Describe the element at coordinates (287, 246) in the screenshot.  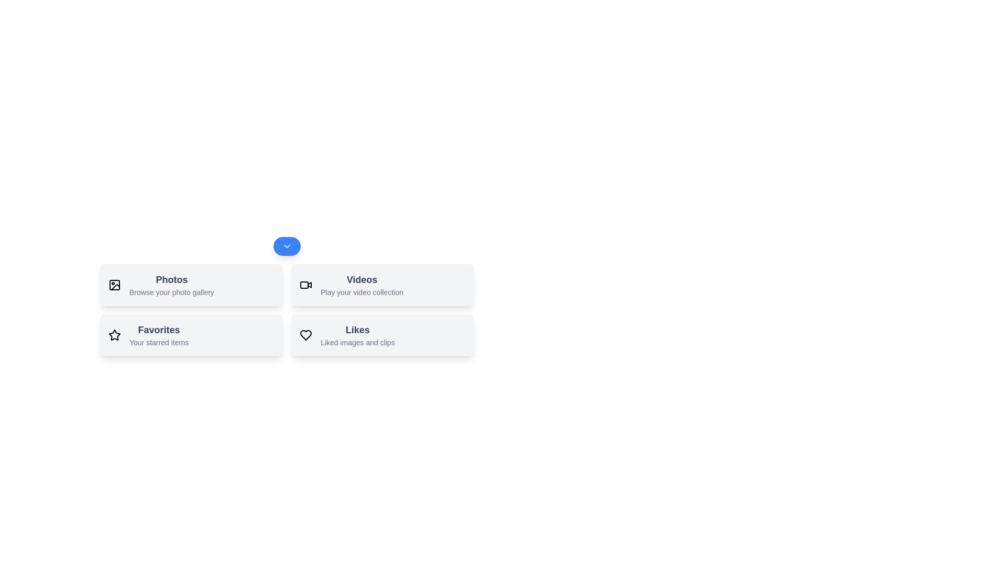
I see `the main button to toggle the visibility of the action buttons` at that location.